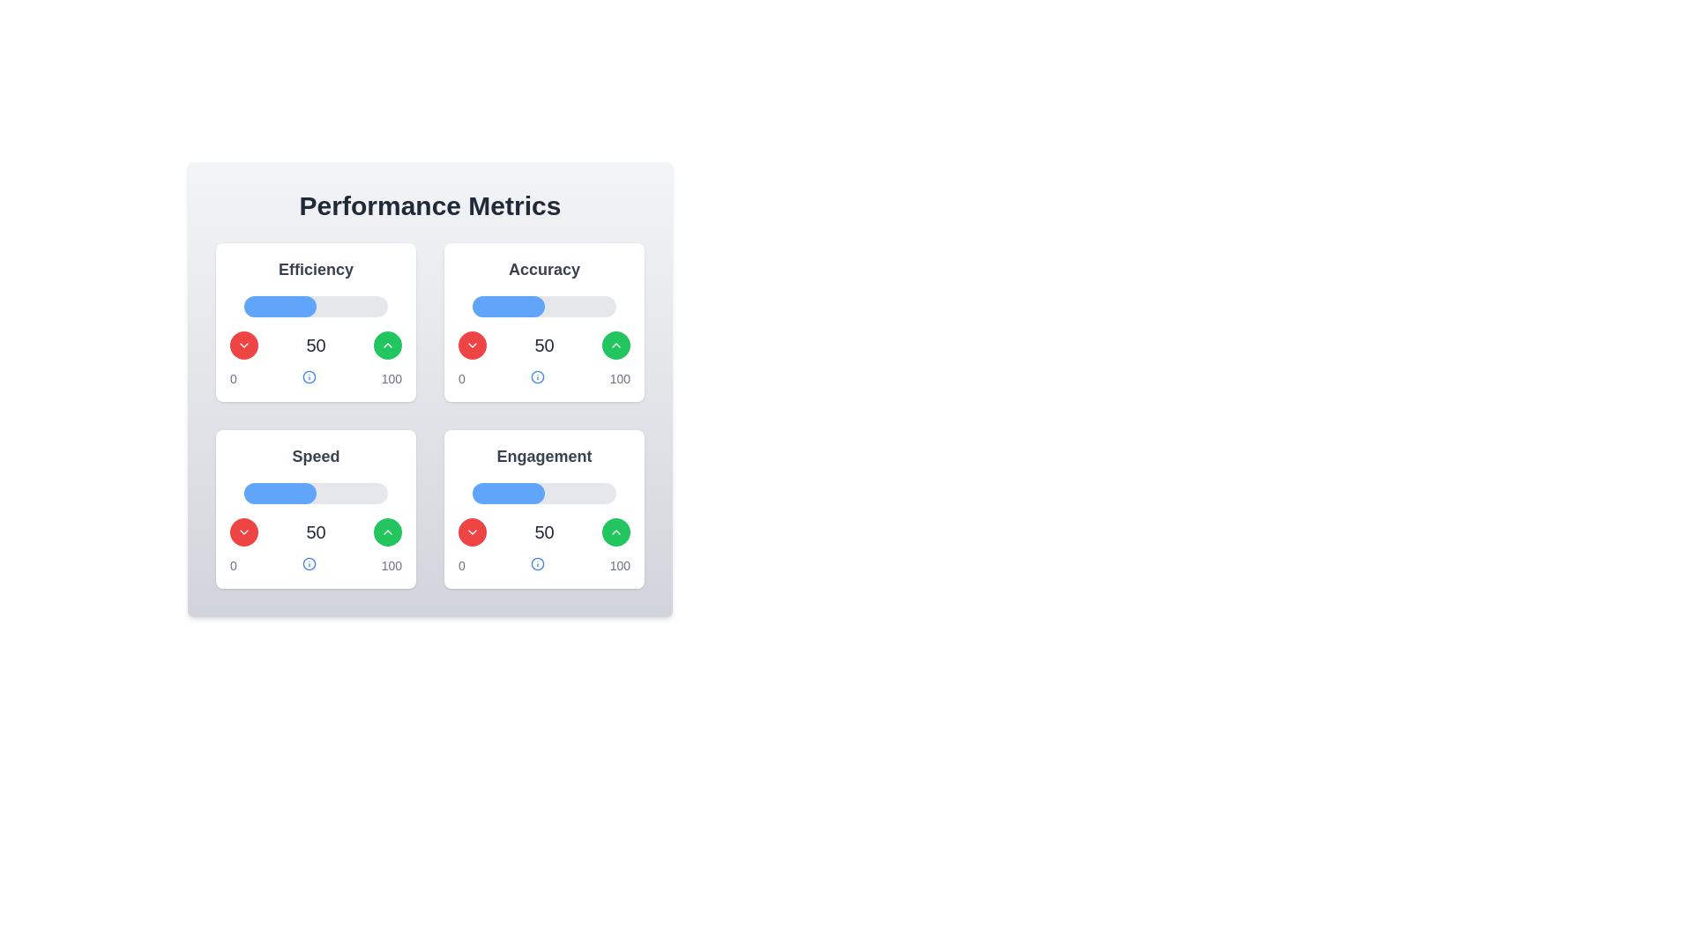 The image size is (1693, 952). I want to click on number displayed in the Efficiency metric text label, which is located within the Efficiency card, centered between two arrow buttons, so click(316, 346).